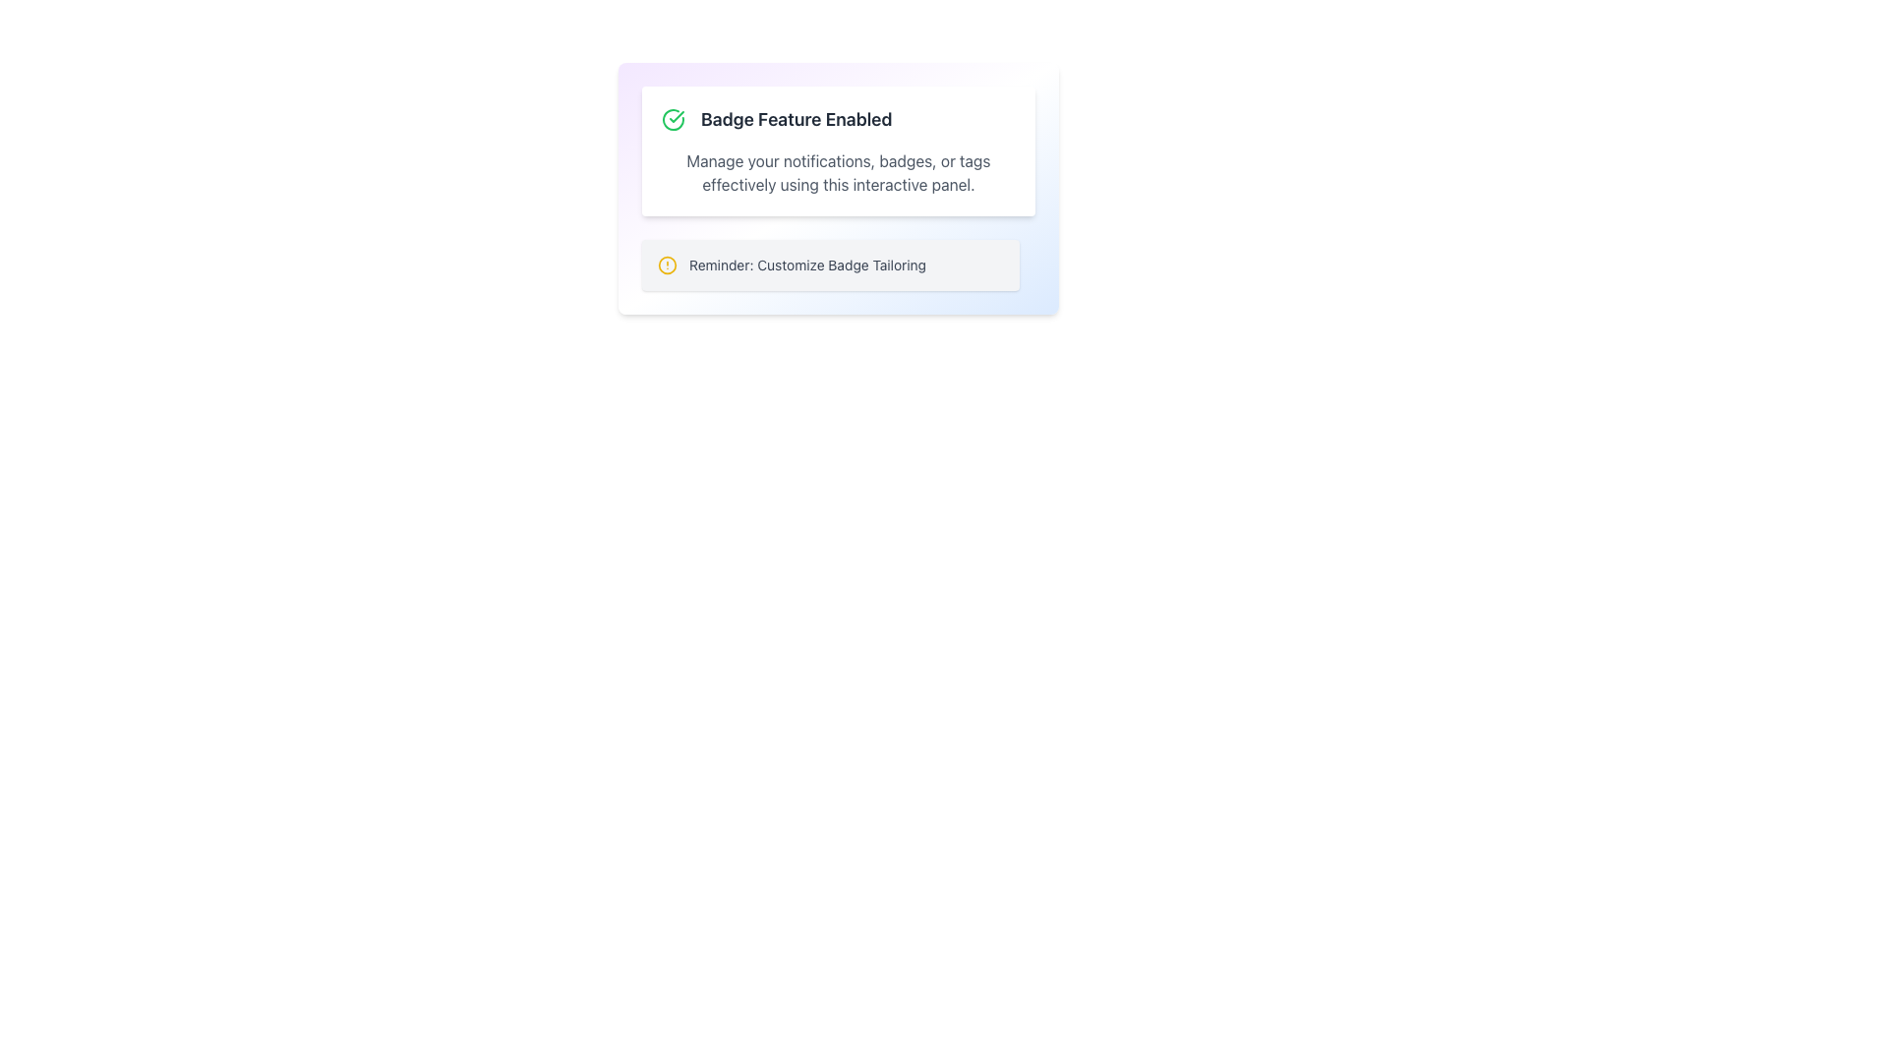 The image size is (1888, 1062). Describe the element at coordinates (667, 265) in the screenshot. I see `the yellow circular icon with a hollow center and a vertical line in its upper half, which resembles a warning symbol, located to the left of the text area labeled 'Reminder: Customize Badge Tailoring'` at that location.